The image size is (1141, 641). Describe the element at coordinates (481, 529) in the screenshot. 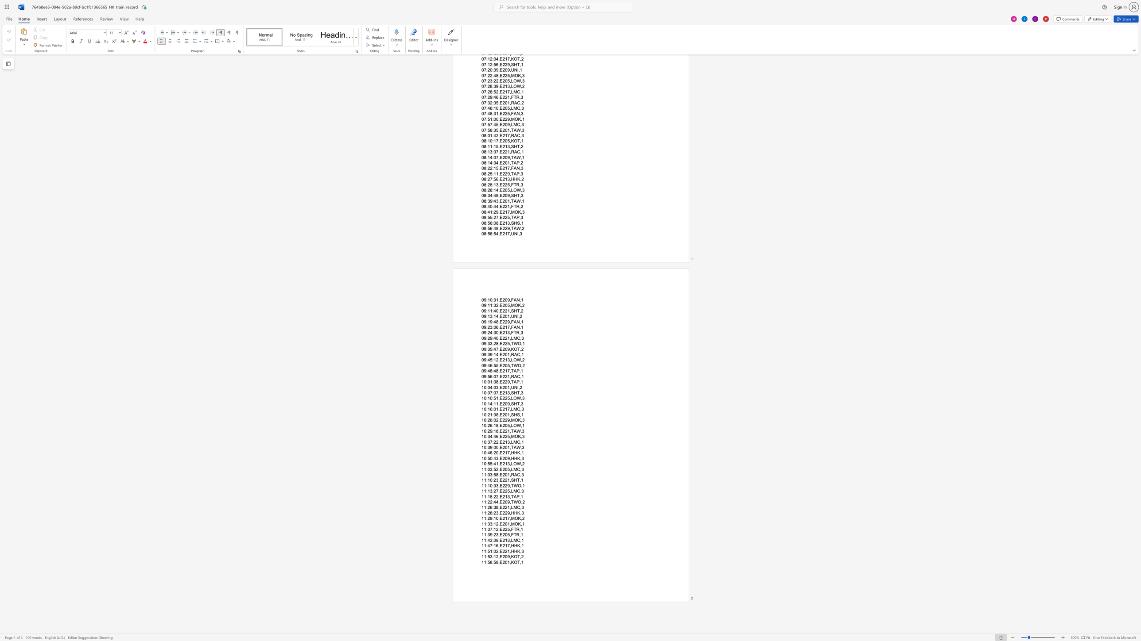

I see `the subset text "11:37:" within the text "11:37:12,E225,FTR,1"` at that location.